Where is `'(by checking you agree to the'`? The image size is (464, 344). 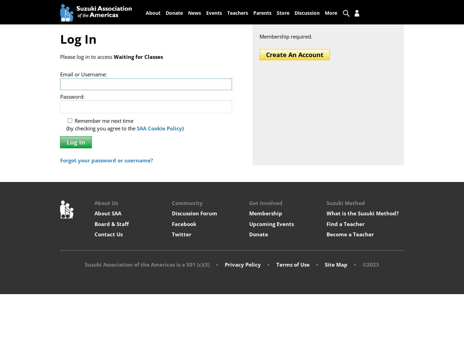 '(by checking you agree to the' is located at coordinates (101, 128).